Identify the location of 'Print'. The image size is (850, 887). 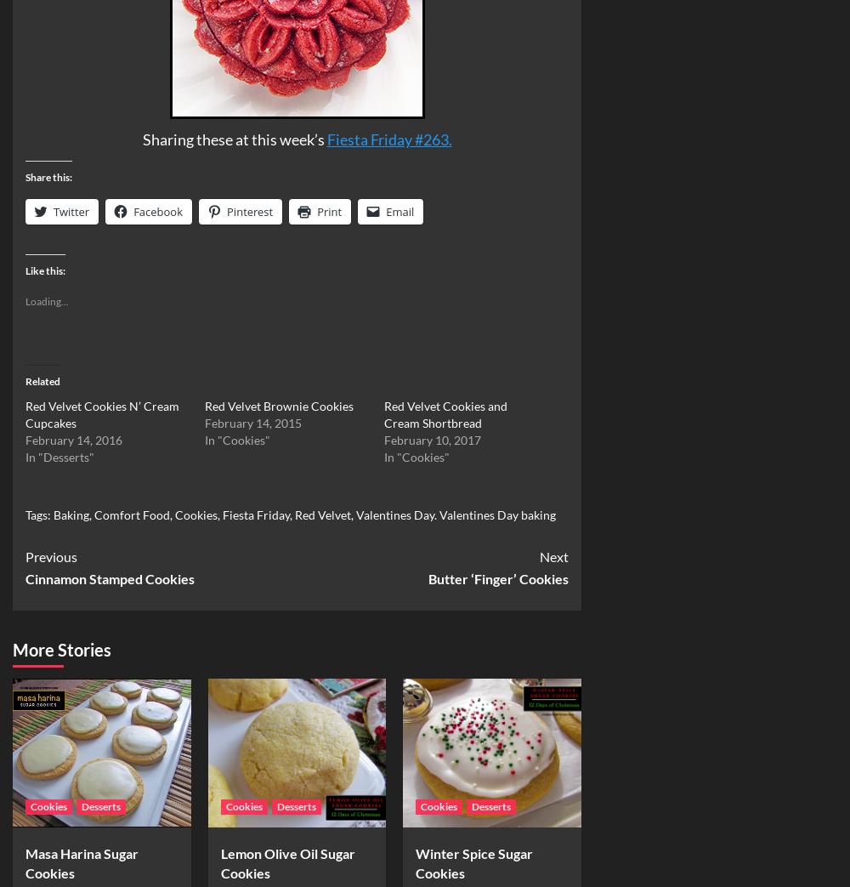
(329, 211).